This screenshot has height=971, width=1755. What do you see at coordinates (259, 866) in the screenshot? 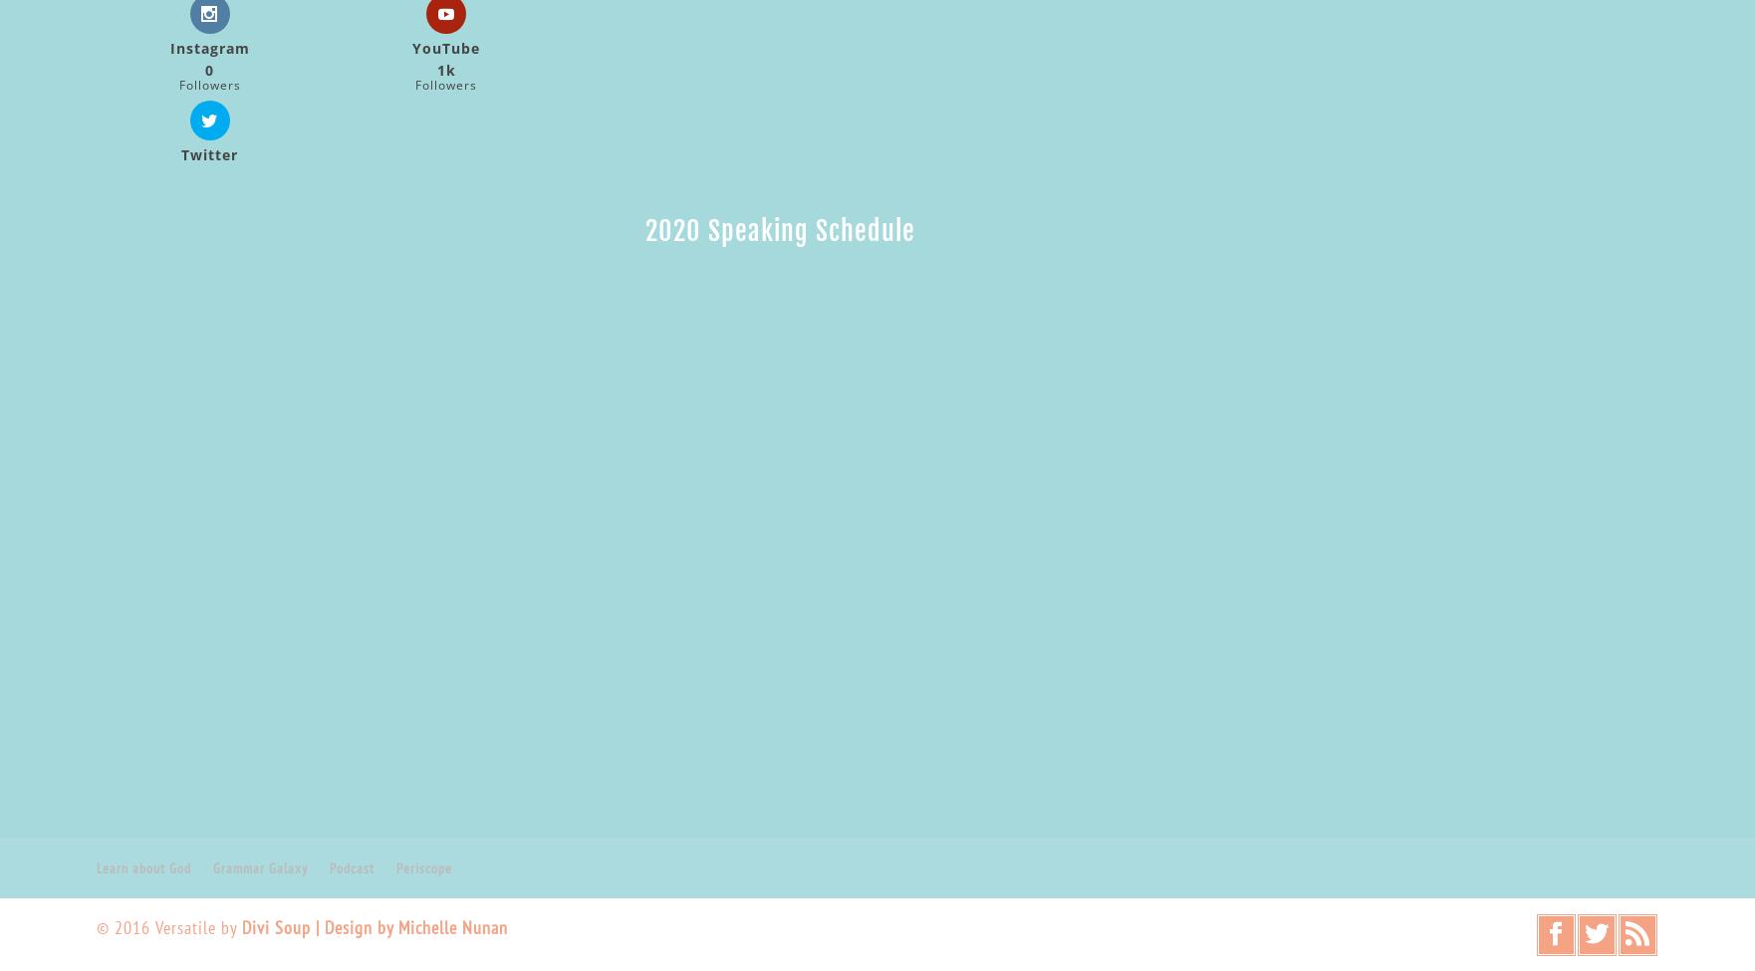
I see `'Grammar Galaxy'` at bounding box center [259, 866].